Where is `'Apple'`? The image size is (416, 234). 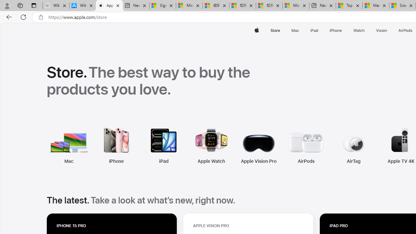
'Apple' is located at coordinates (256, 30).